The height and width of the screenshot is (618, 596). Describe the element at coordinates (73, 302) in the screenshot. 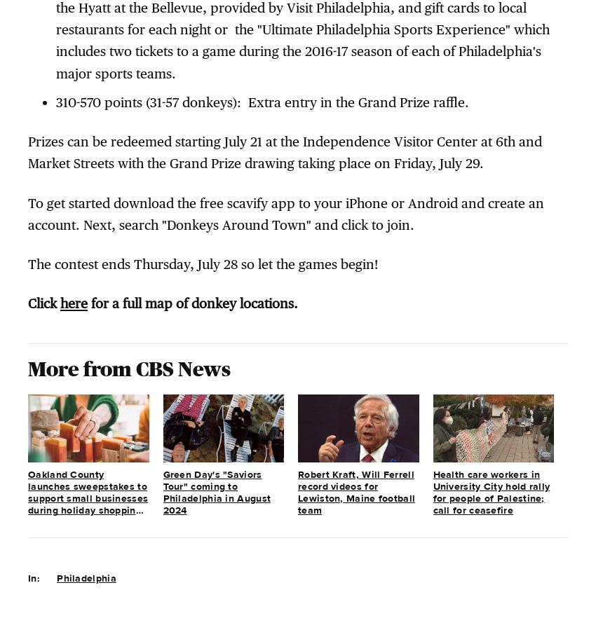

I see `'here'` at that location.